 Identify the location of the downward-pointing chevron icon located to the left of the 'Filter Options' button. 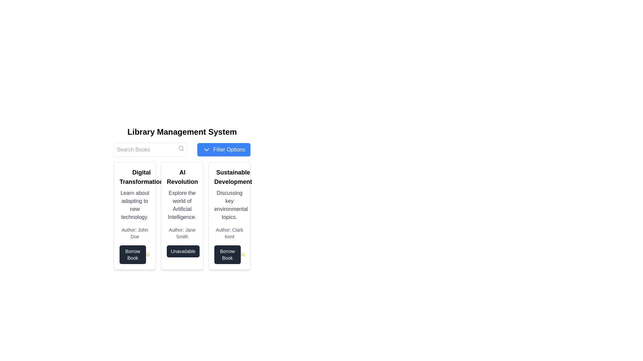
(206, 149).